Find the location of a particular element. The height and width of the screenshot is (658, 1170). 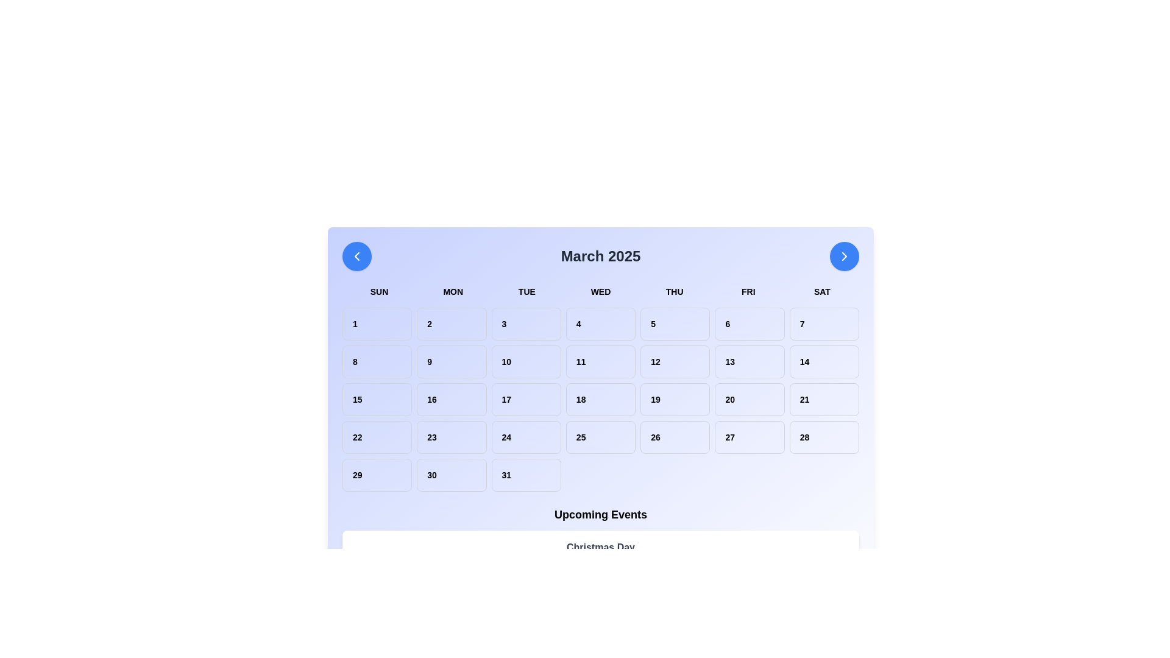

the button displaying the number '4' in the calendar widget, located under the 'Wednesday' column header, to start keyboard navigation is located at coordinates (600, 324).